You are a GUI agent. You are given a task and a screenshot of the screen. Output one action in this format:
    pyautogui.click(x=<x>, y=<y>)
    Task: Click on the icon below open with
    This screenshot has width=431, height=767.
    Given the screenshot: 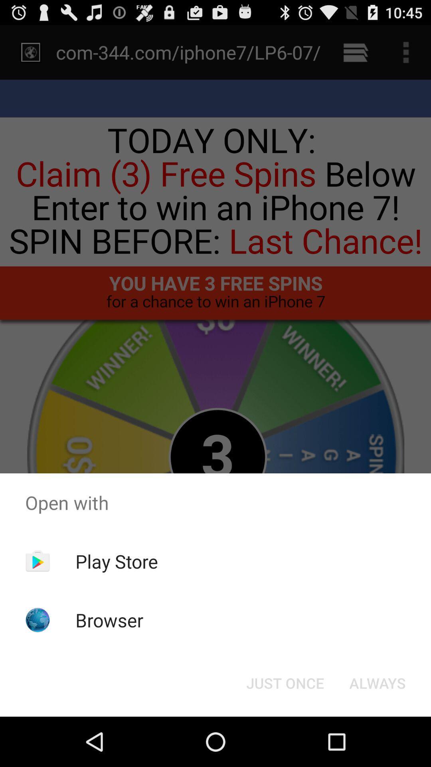 What is the action you would take?
    pyautogui.click(x=377, y=682)
    